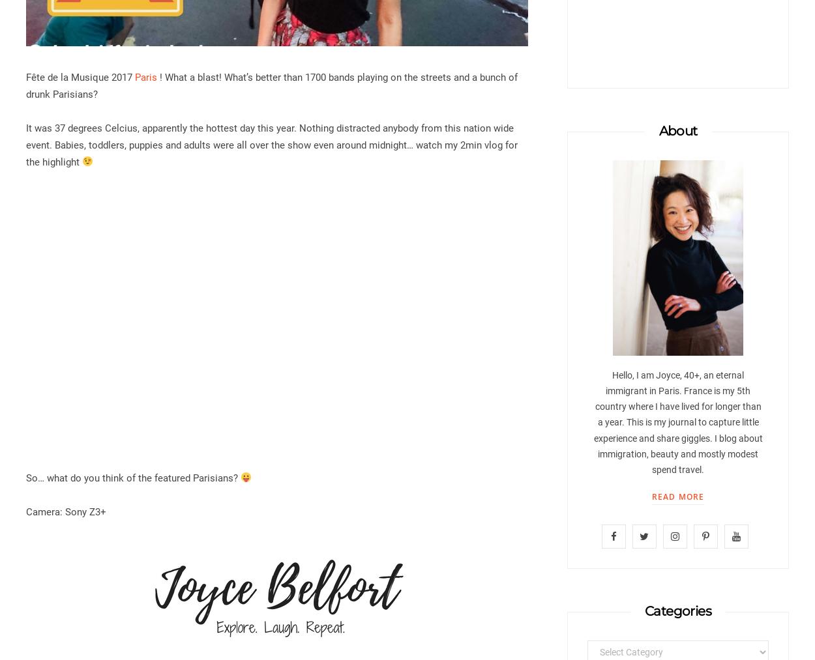  What do you see at coordinates (677, 496) in the screenshot?
I see `'Read More'` at bounding box center [677, 496].